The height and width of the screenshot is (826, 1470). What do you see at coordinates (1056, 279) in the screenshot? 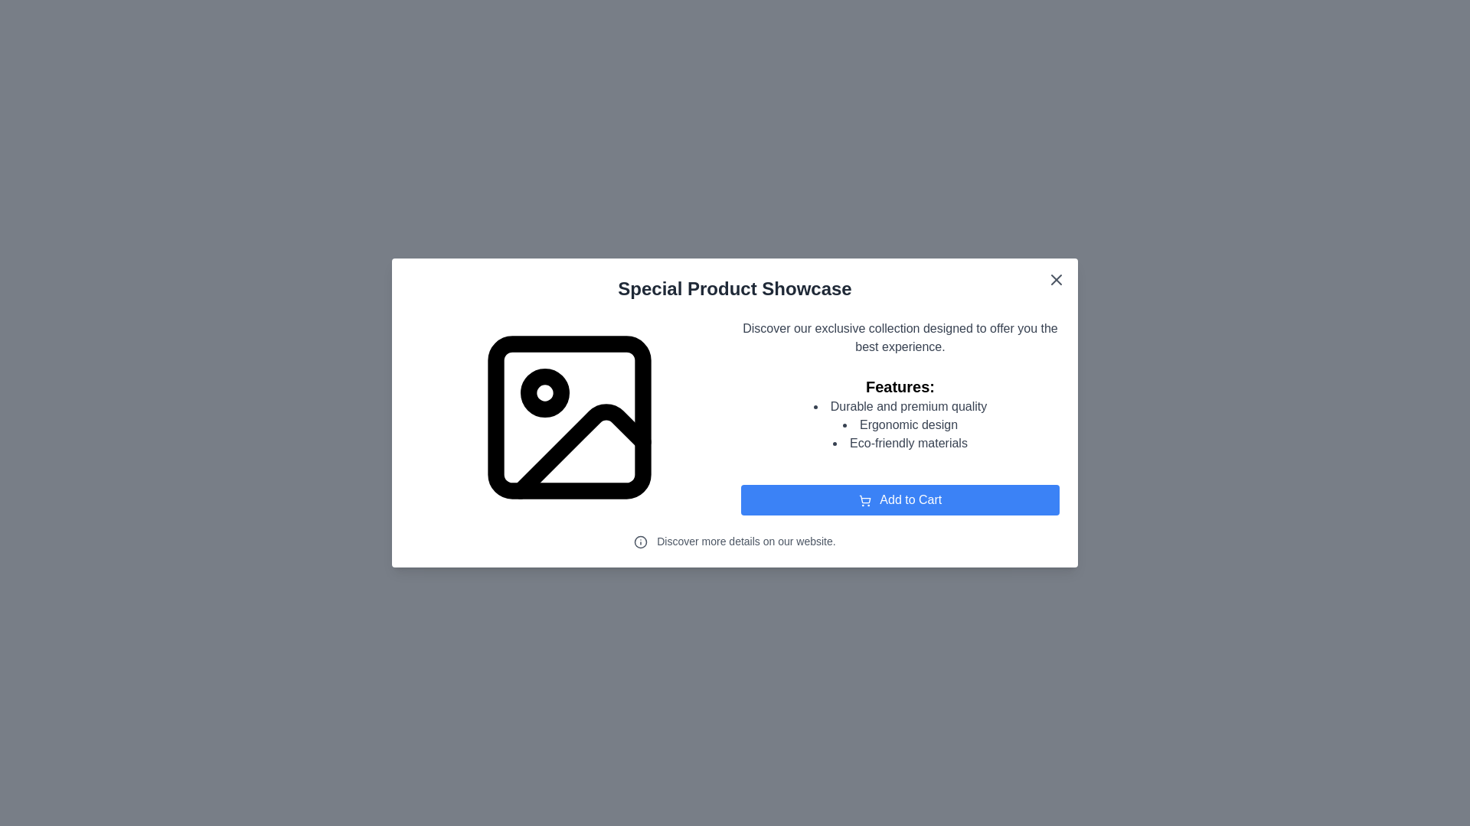
I see `the close button located in the top-right corner of the modal dialog` at bounding box center [1056, 279].